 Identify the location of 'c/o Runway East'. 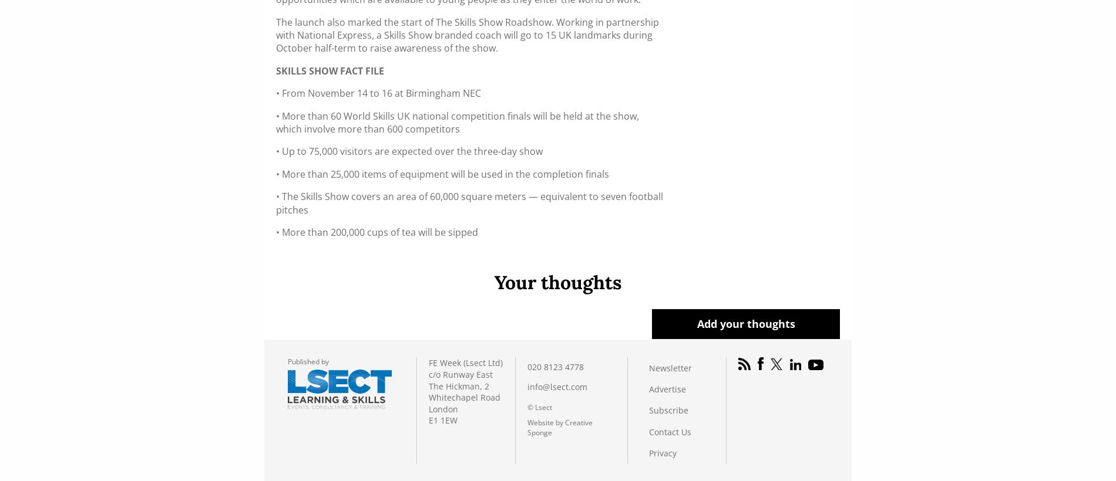
(459, 373).